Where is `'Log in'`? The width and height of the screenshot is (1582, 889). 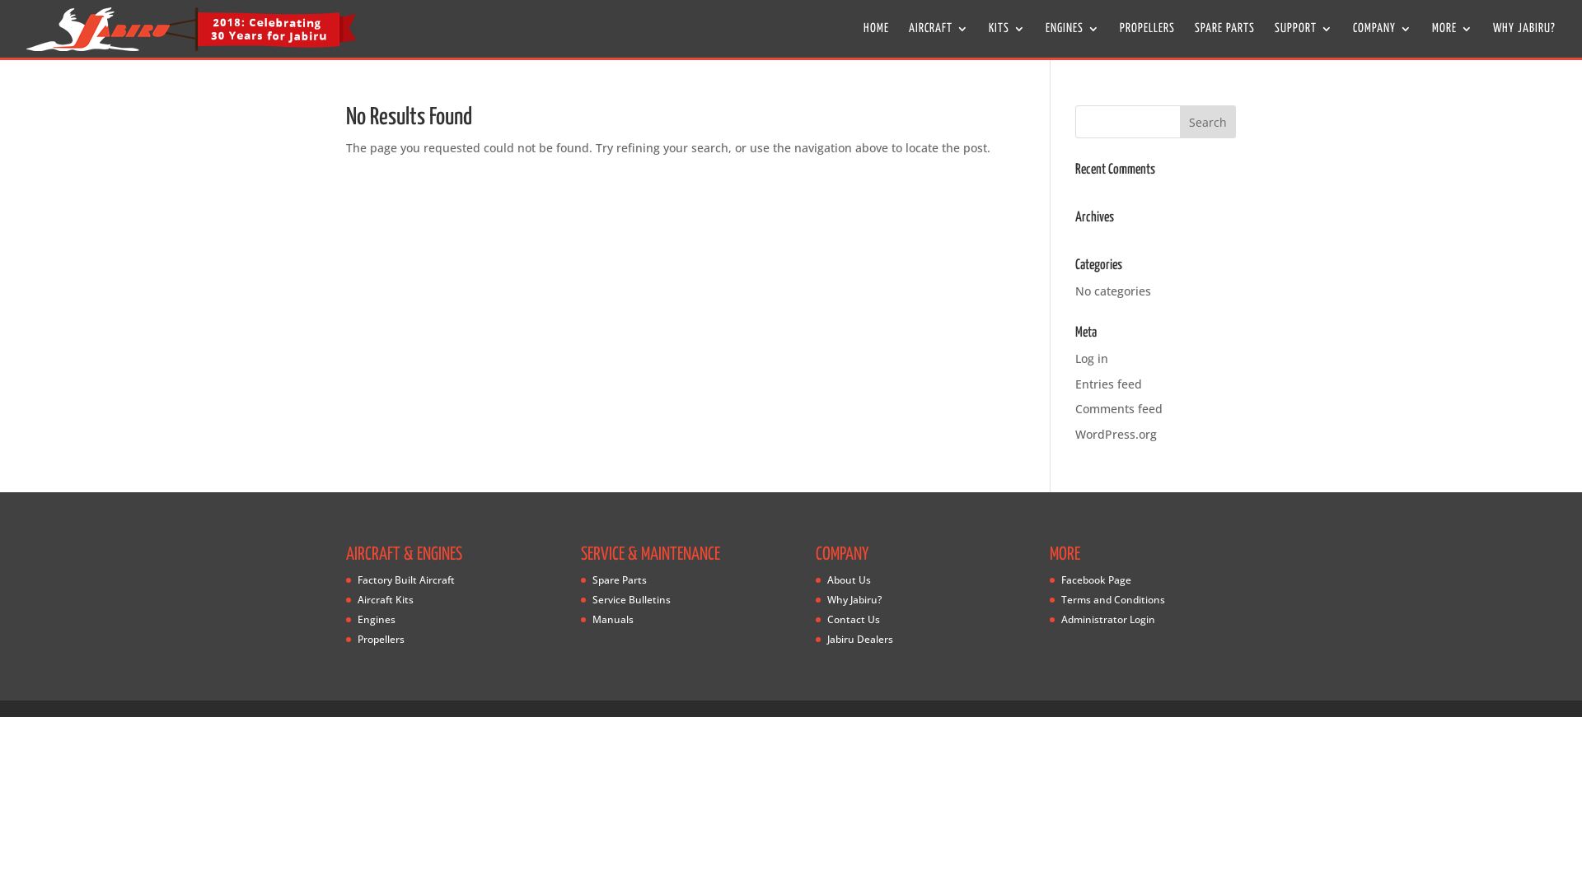 'Log in' is located at coordinates (1091, 357).